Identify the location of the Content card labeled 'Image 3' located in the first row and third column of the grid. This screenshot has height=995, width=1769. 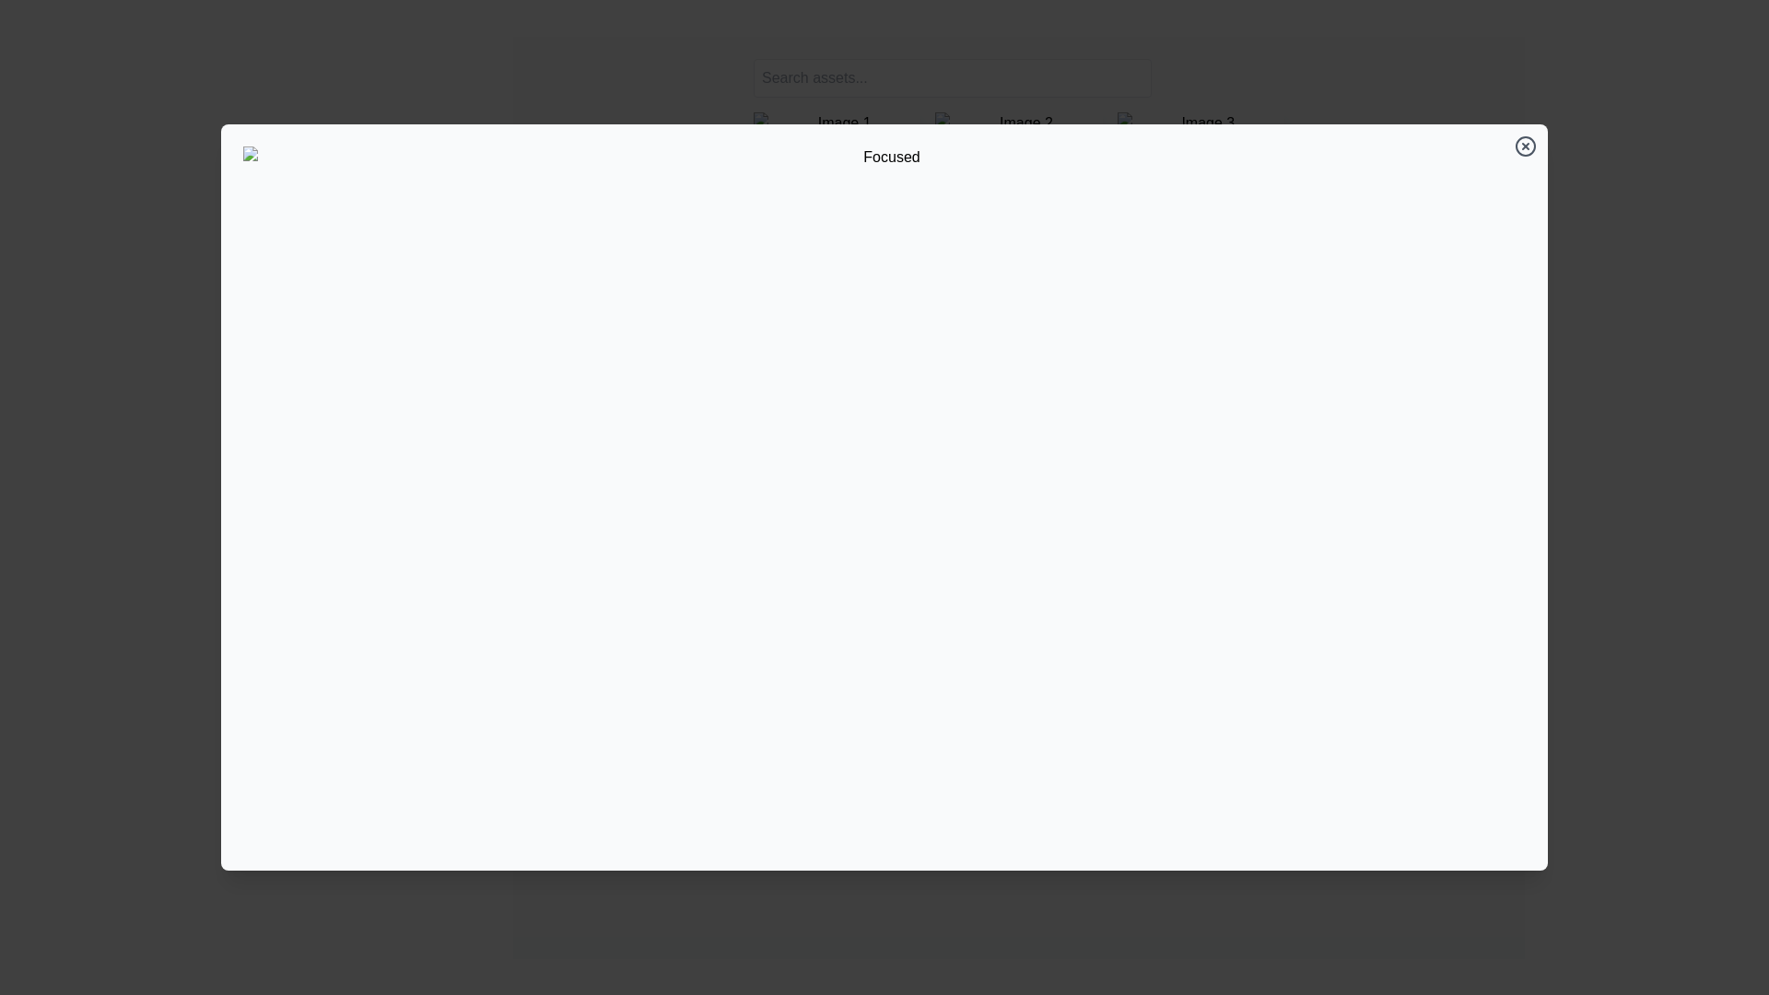
(1201, 123).